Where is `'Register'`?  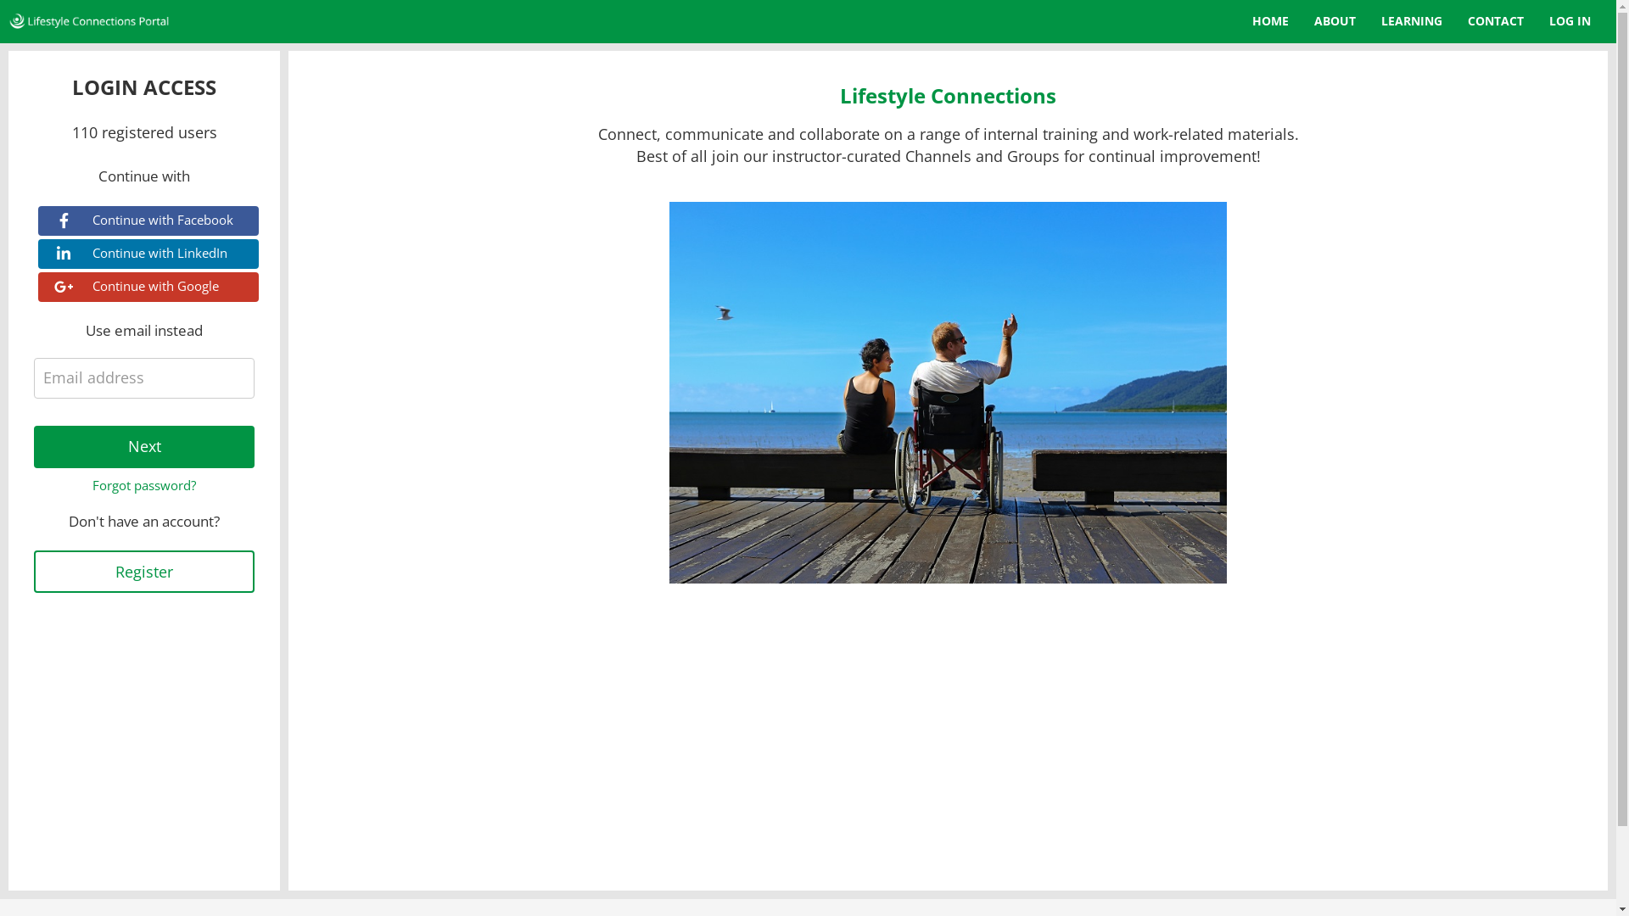 'Register' is located at coordinates (143, 572).